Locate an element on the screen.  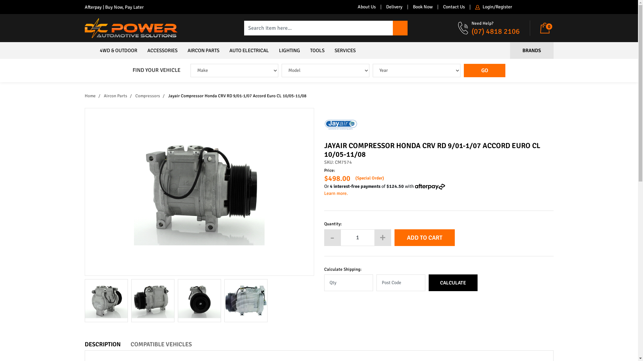
'Home' is located at coordinates (84, 96).